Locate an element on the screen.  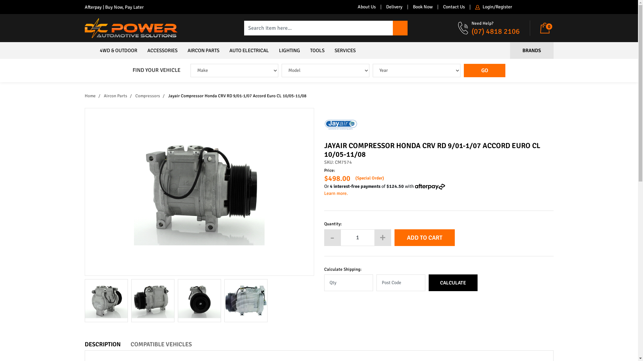
'Home' is located at coordinates (84, 96).